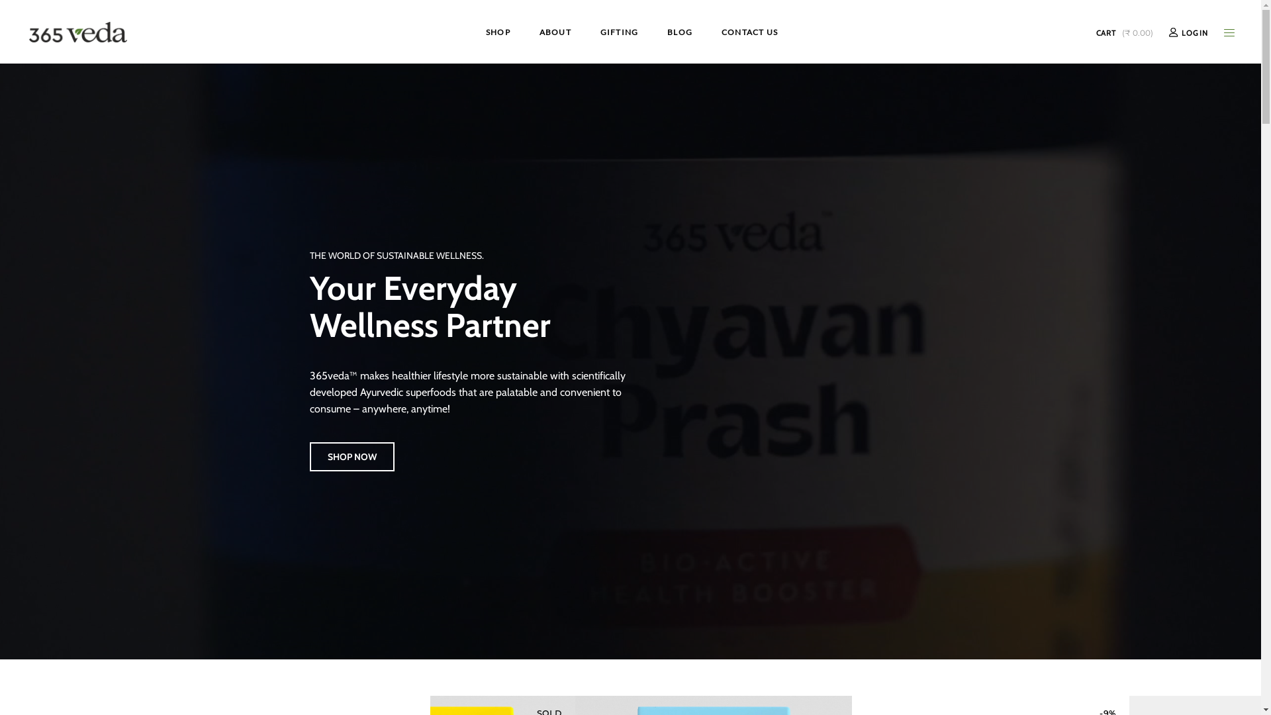 This screenshot has width=1271, height=715. Describe the element at coordinates (352, 456) in the screenshot. I see `'SHOP NOW'` at that location.